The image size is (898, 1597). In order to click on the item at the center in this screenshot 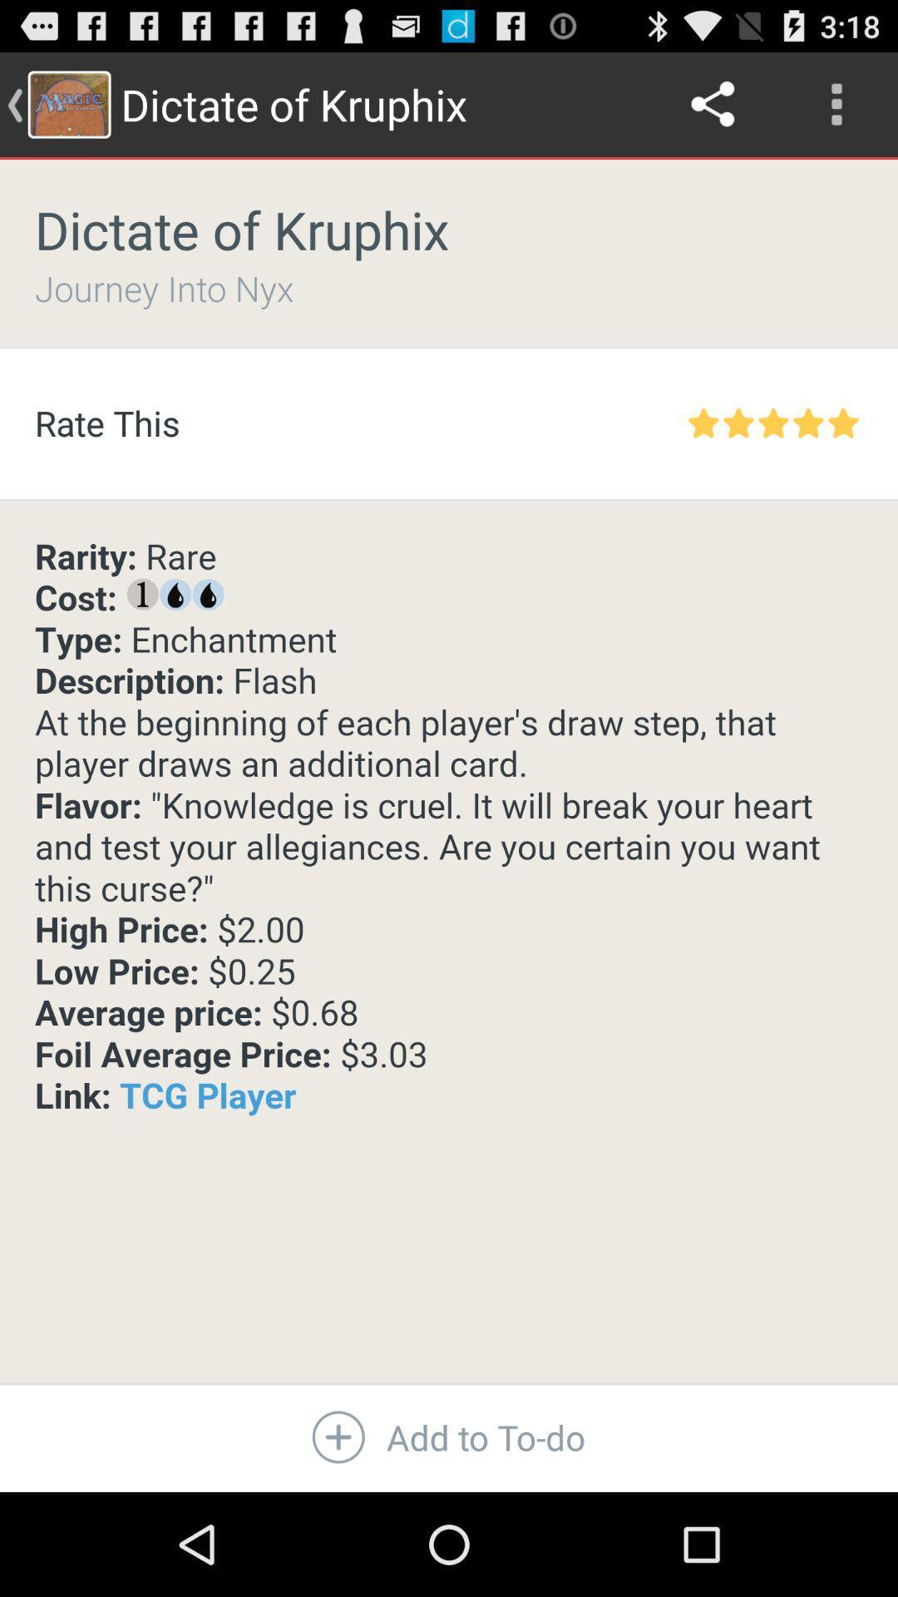, I will do `click(449, 827)`.